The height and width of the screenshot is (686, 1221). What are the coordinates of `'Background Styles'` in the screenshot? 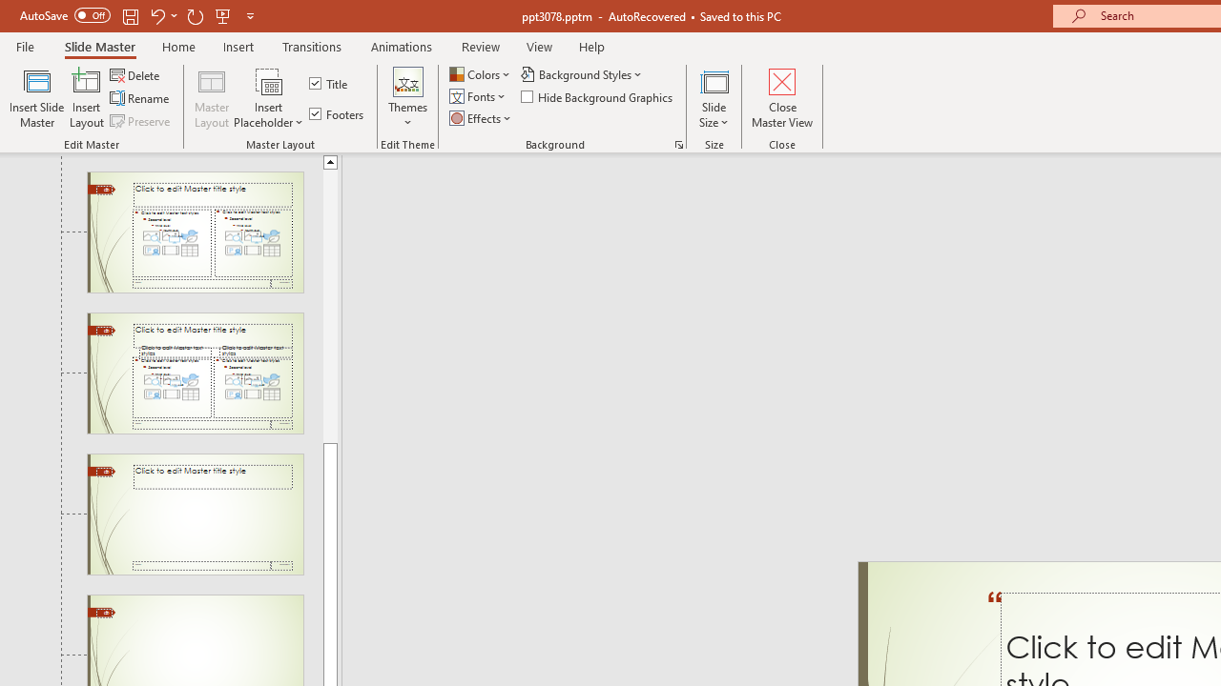 It's located at (582, 73).